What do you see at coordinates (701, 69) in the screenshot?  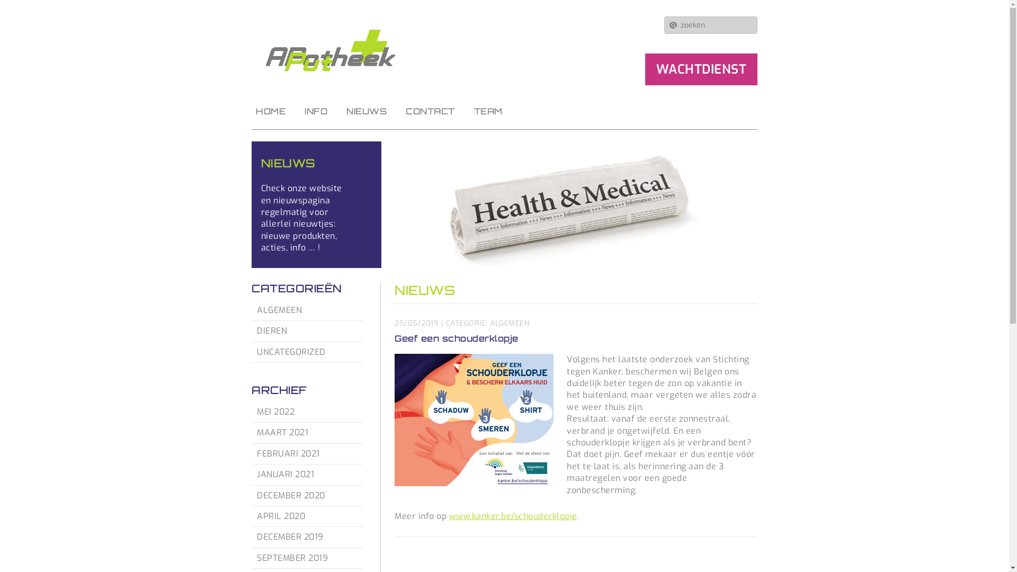 I see `'WACHTDIENST'` at bounding box center [701, 69].